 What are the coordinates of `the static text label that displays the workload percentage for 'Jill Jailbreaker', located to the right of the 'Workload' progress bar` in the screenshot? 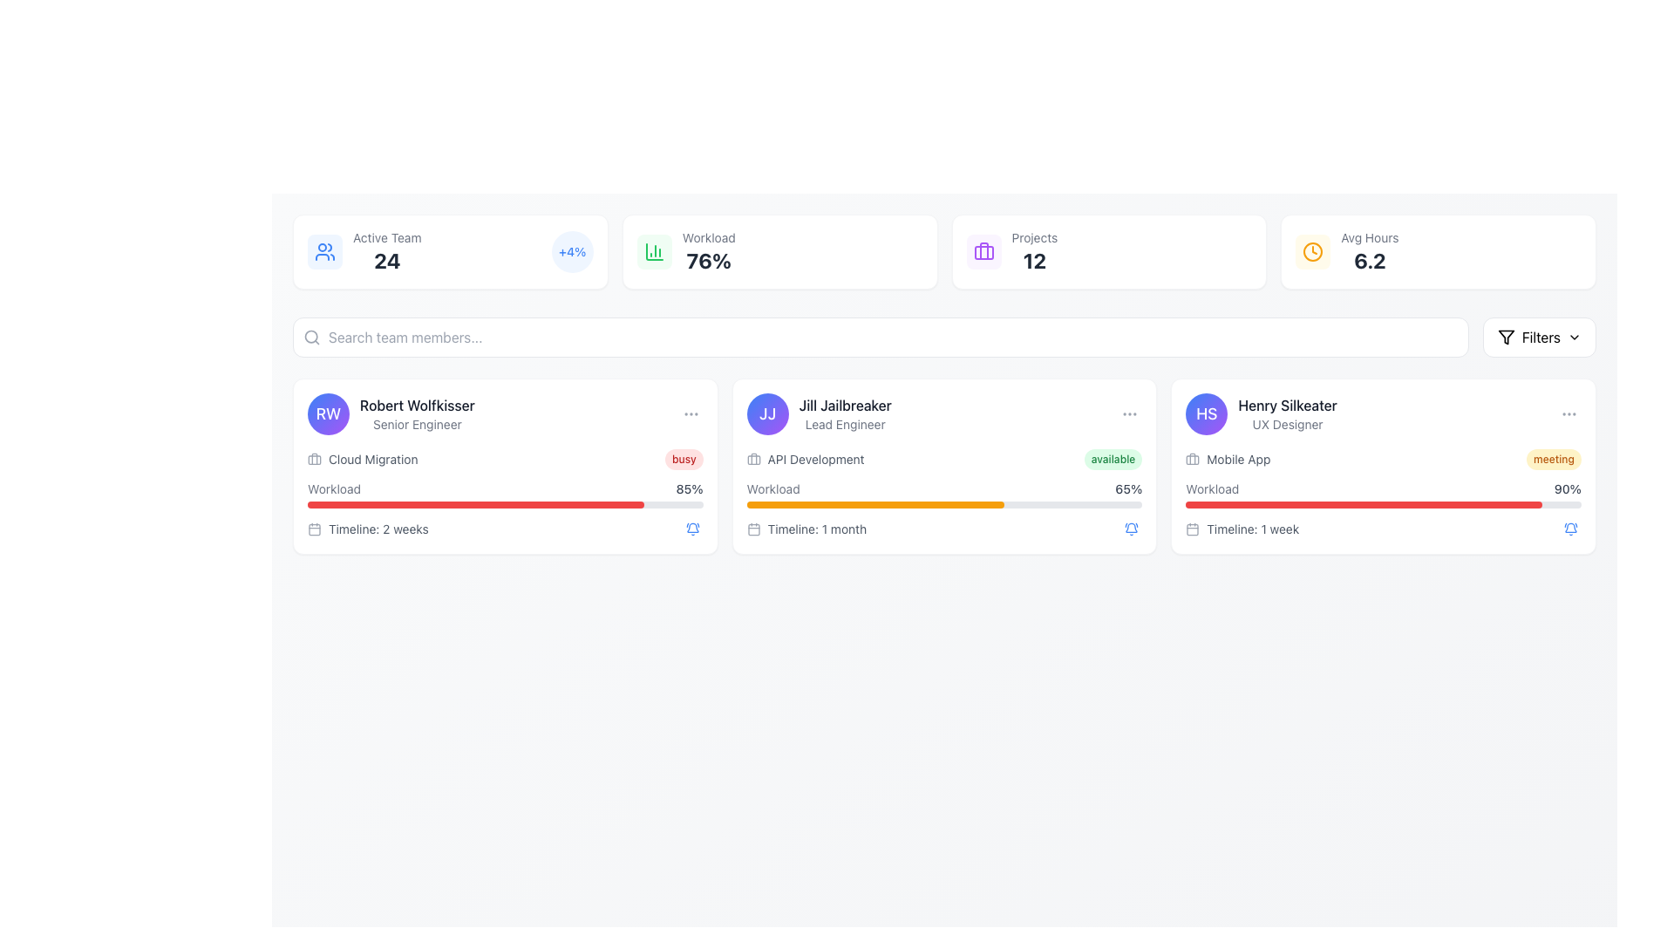 It's located at (1128, 488).